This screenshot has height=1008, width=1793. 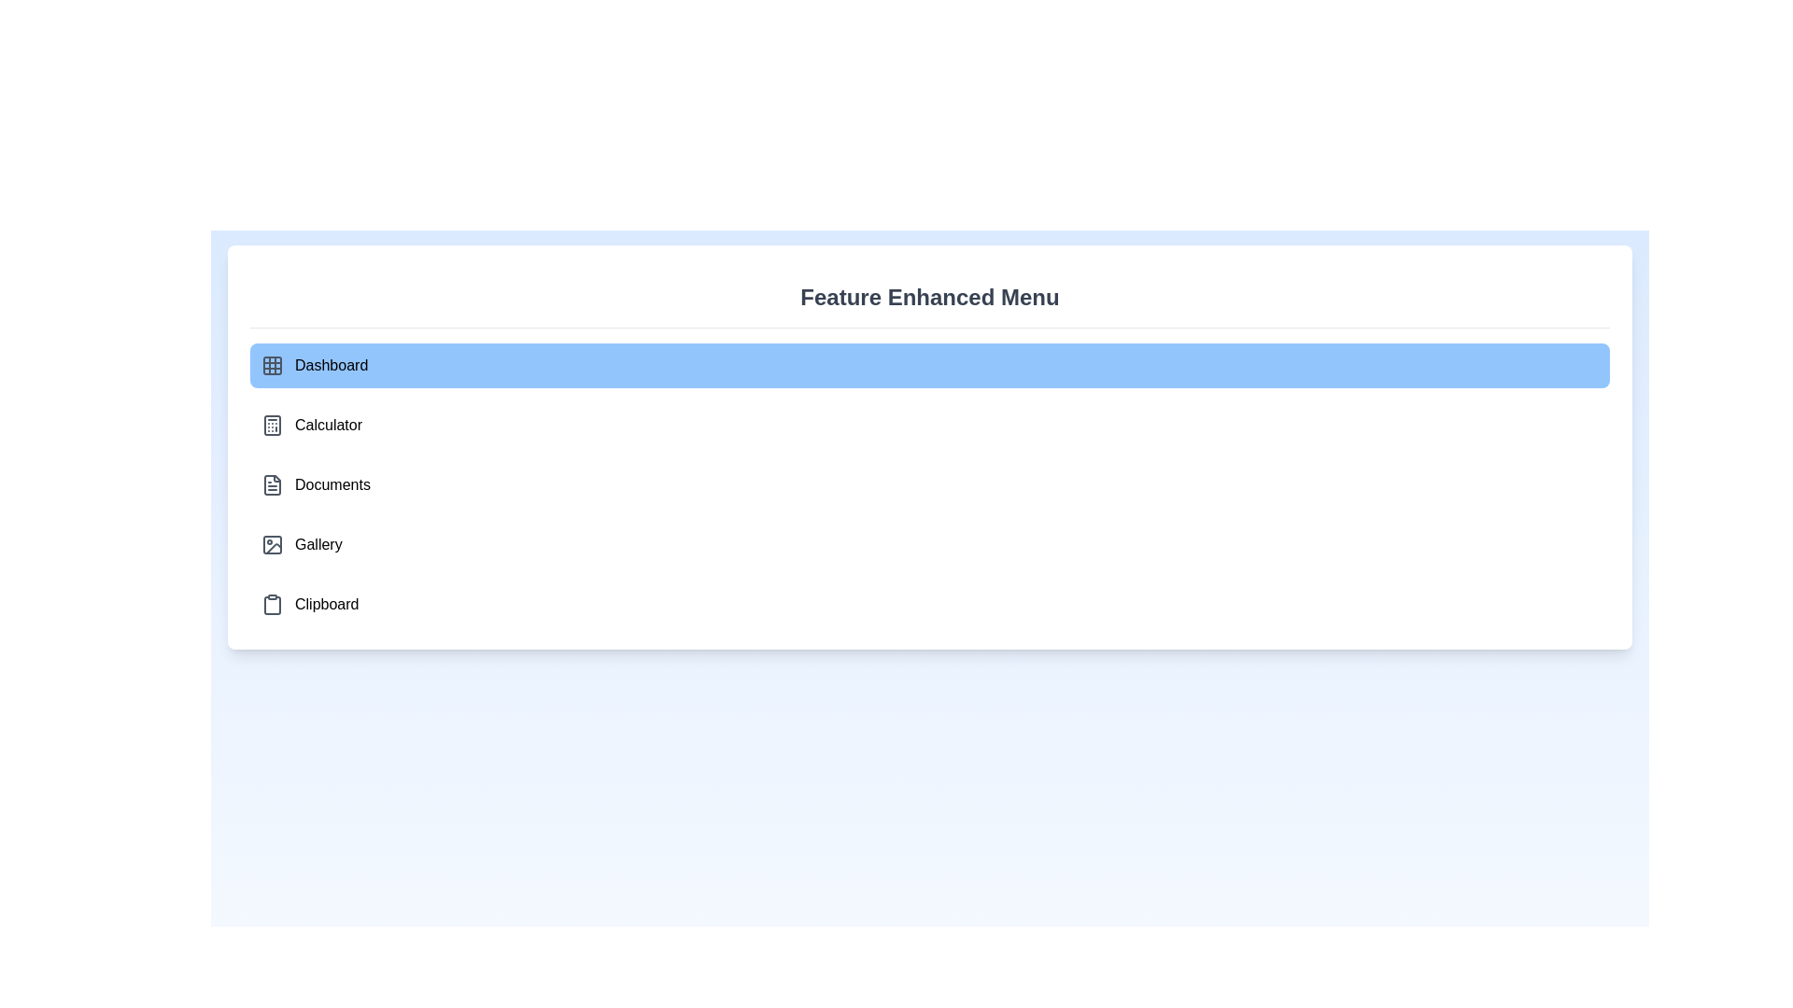 I want to click on the menu item labeled 'Dashboard' to observe its hover effect, so click(x=930, y=366).